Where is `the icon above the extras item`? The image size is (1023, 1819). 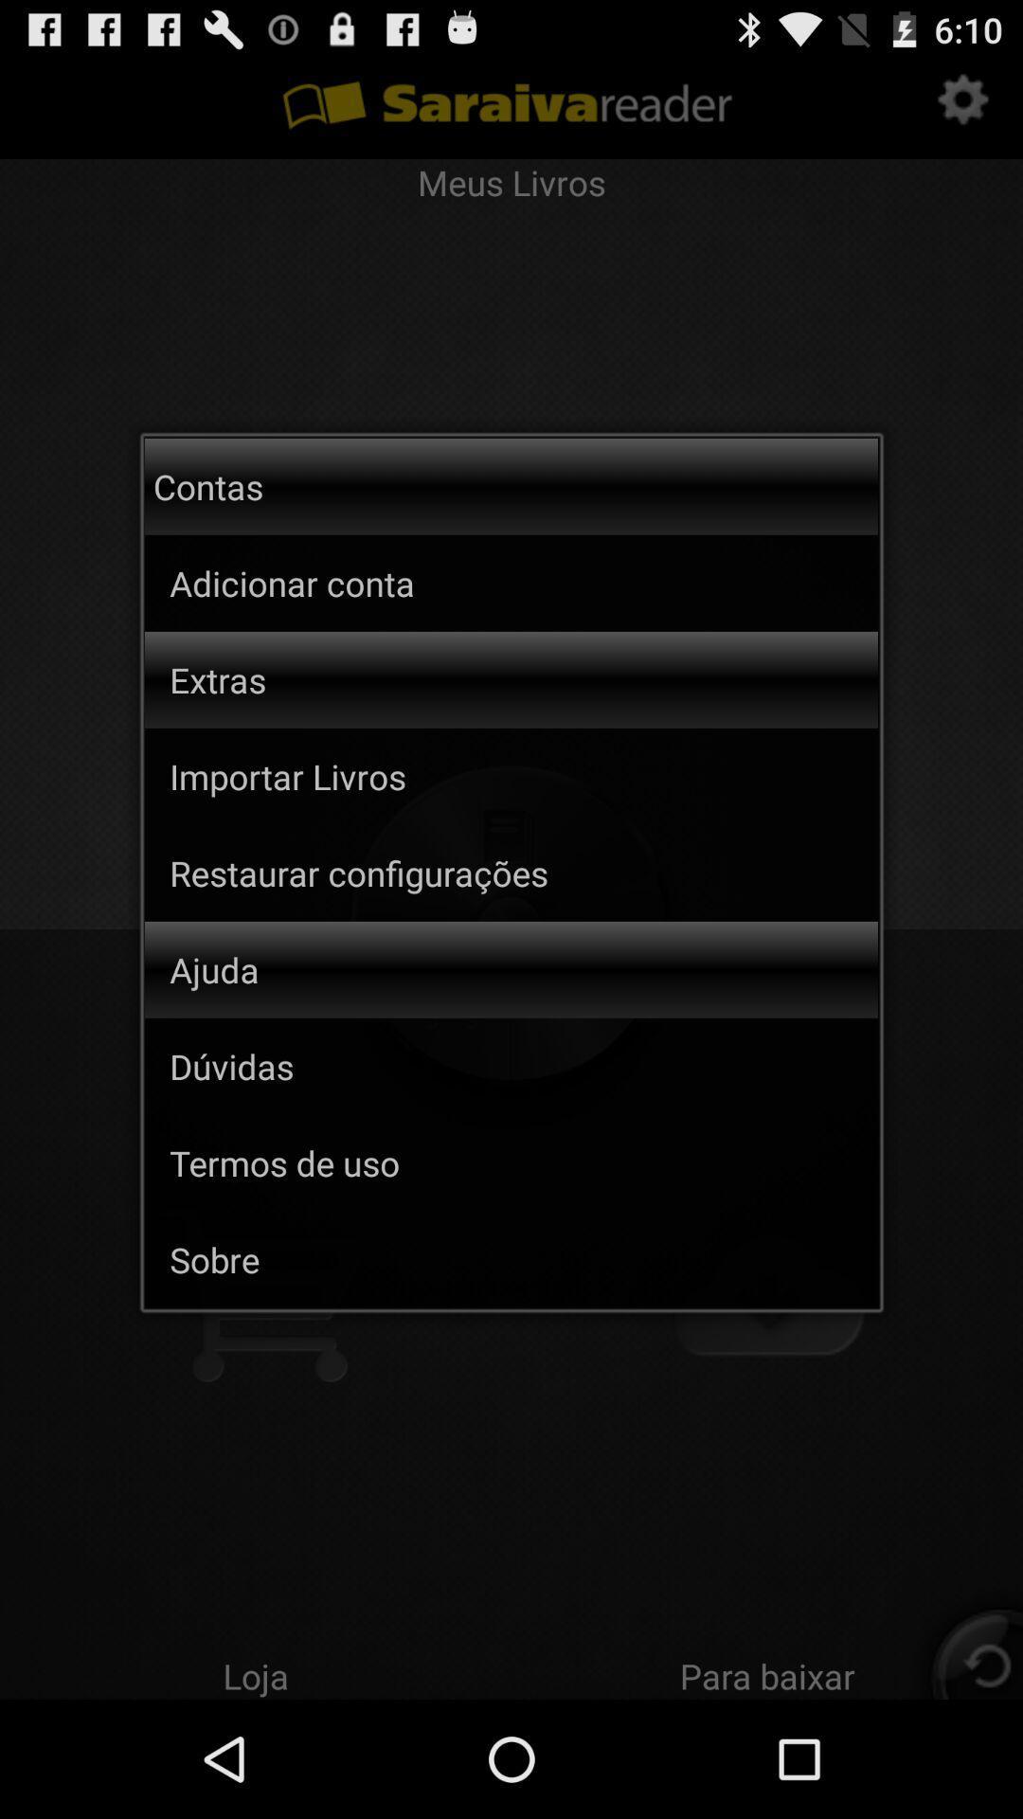 the icon above the extras item is located at coordinates (368, 582).